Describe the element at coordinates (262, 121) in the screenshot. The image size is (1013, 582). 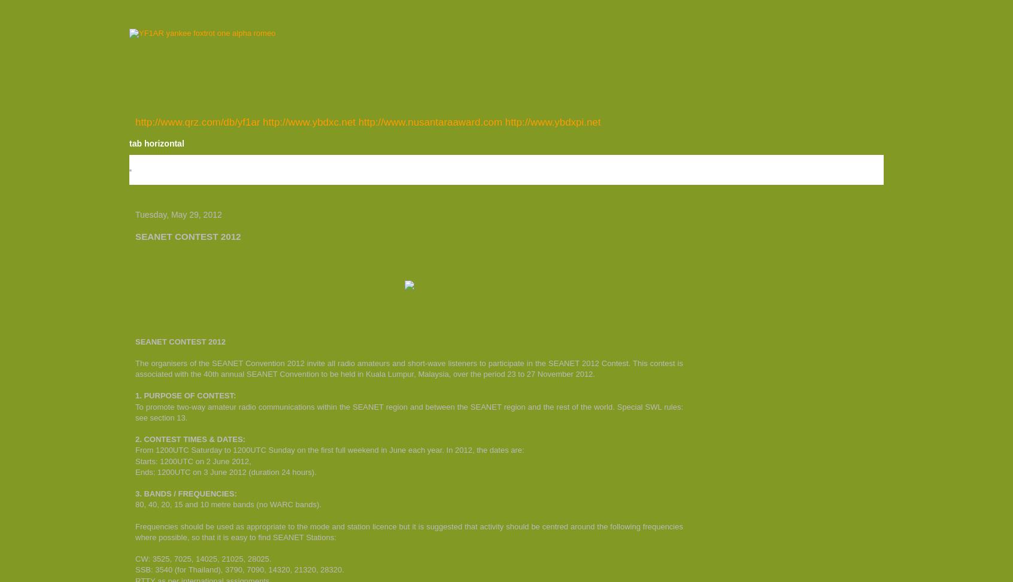
I see `'http://www.ybdxc.net'` at that location.